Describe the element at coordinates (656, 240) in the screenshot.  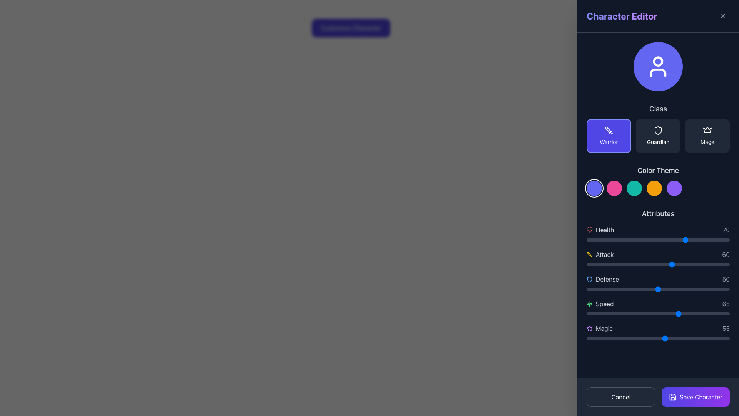
I see `health level` at that location.